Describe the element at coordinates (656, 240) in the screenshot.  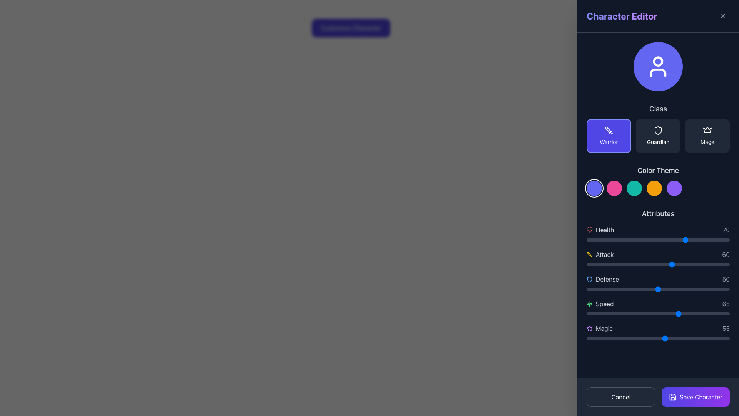
I see `health level` at that location.